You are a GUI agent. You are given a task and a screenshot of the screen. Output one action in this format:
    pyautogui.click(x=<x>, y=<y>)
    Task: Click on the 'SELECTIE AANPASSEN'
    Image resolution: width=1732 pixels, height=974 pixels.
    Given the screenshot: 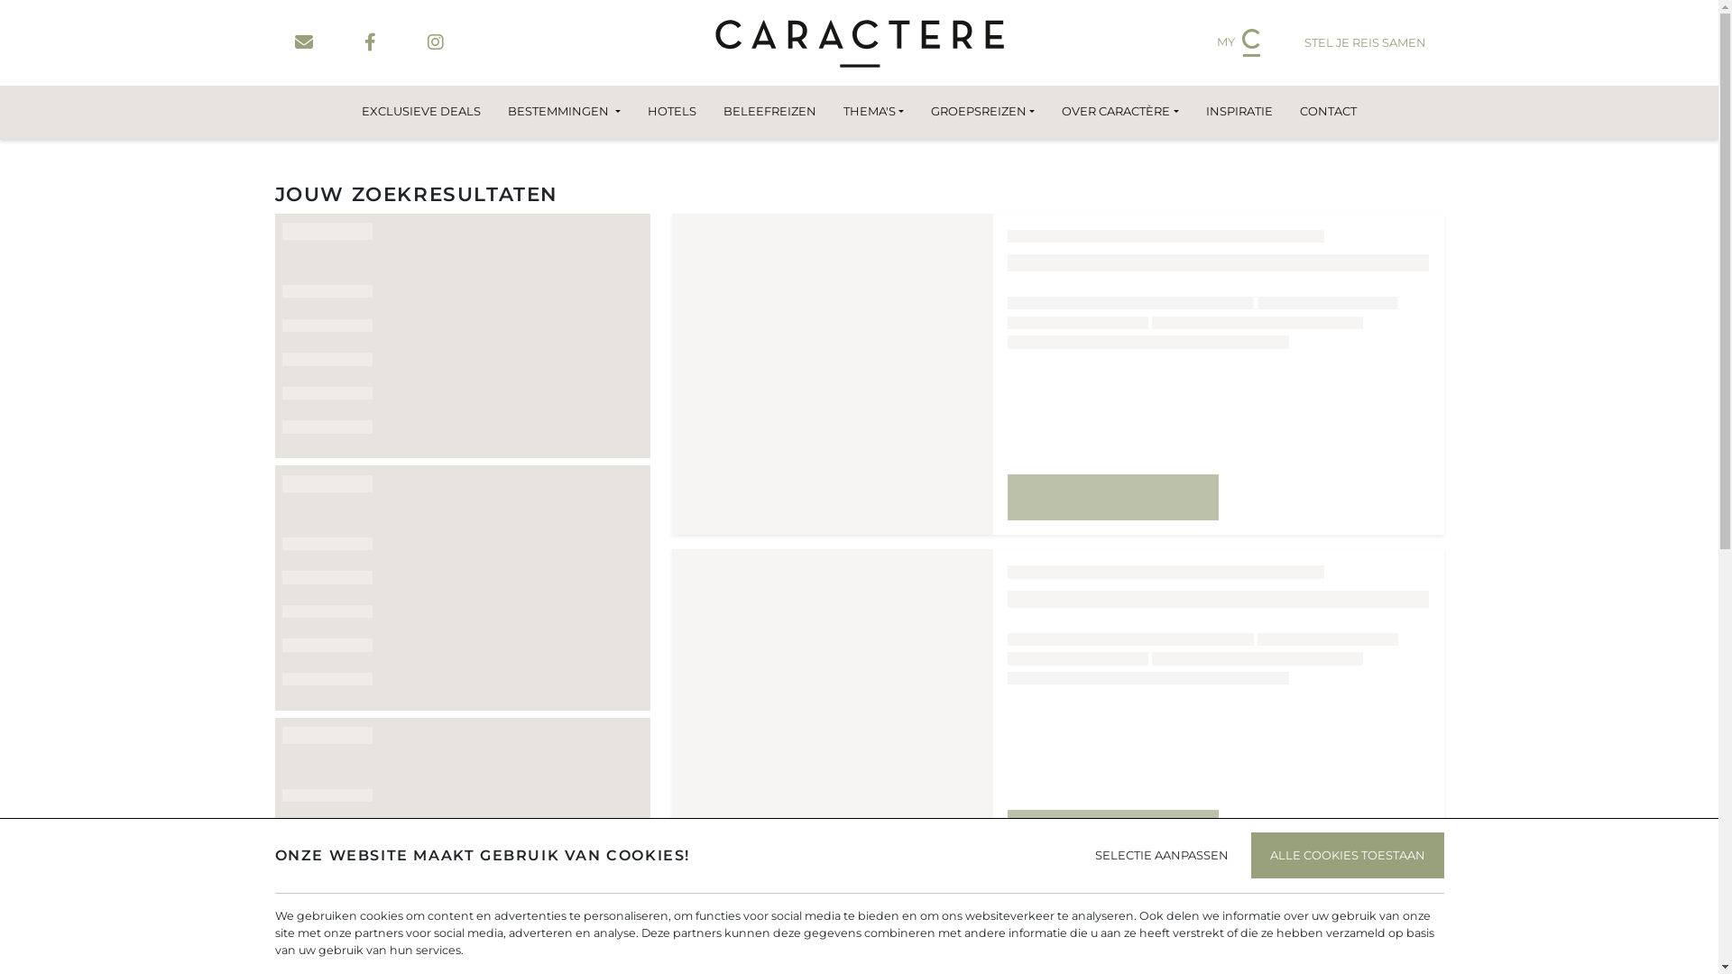 What is the action you would take?
    pyautogui.click(x=1160, y=854)
    